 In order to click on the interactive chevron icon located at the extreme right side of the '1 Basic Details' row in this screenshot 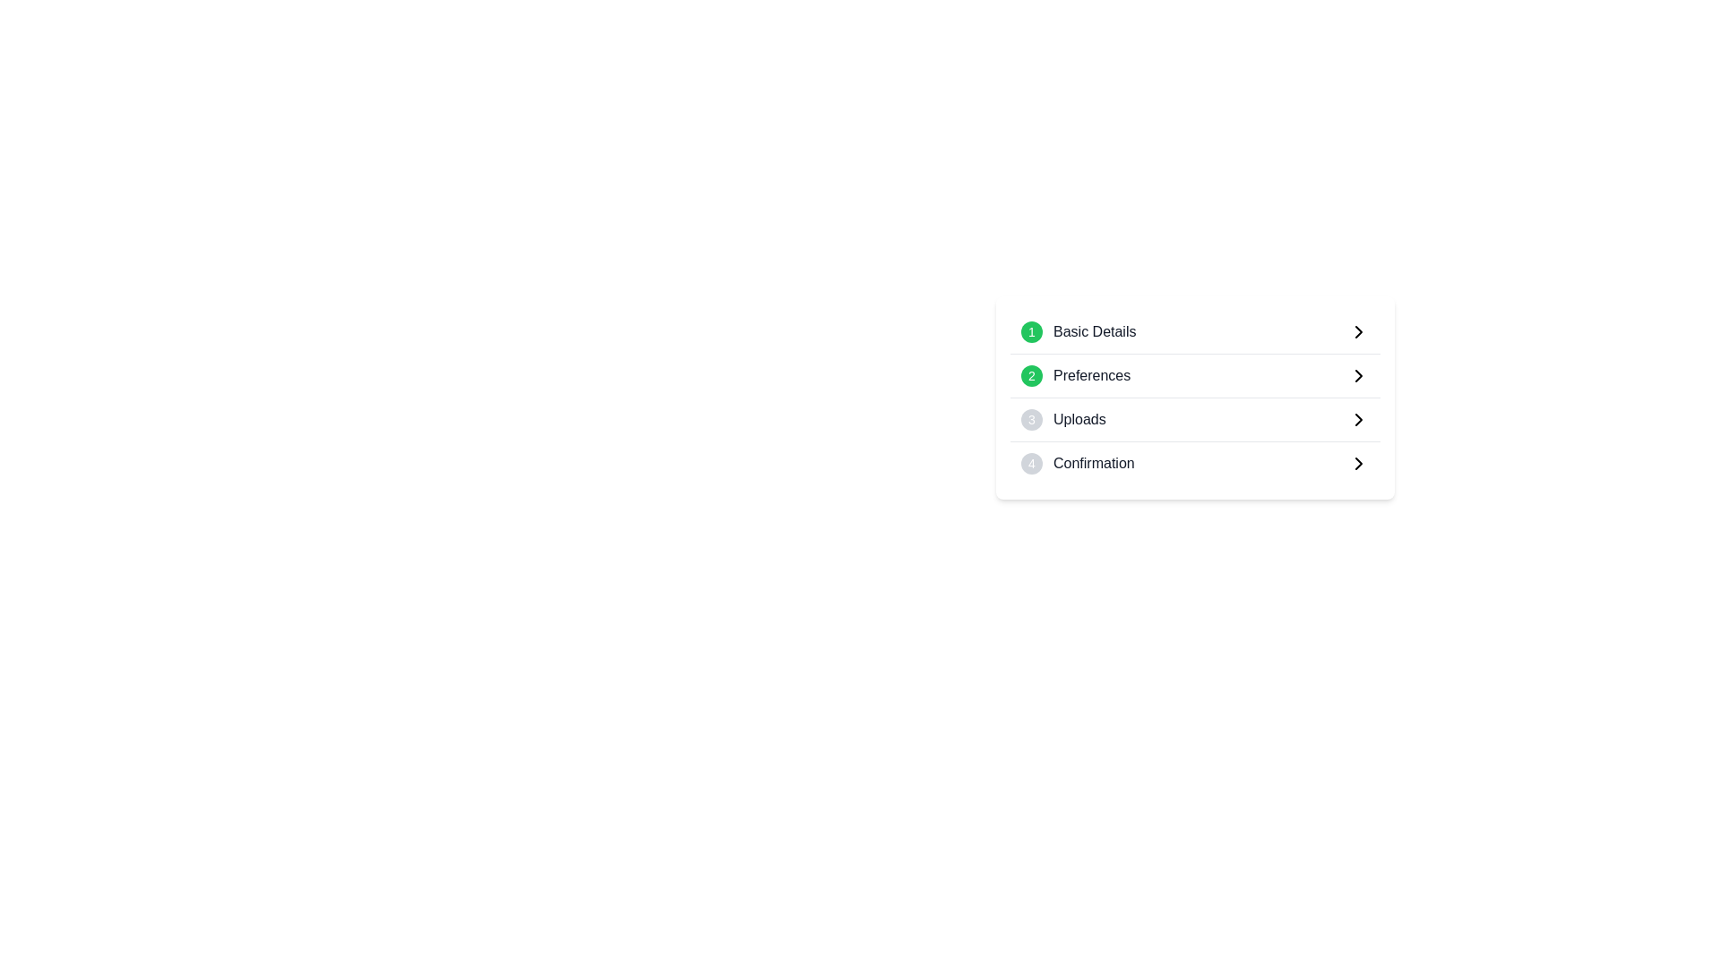, I will do `click(1358, 331)`.